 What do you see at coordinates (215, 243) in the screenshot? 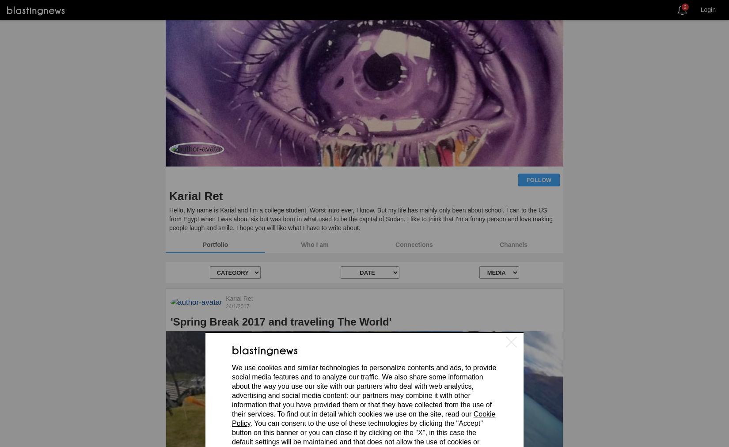
I see `'Portfolio'` at bounding box center [215, 243].